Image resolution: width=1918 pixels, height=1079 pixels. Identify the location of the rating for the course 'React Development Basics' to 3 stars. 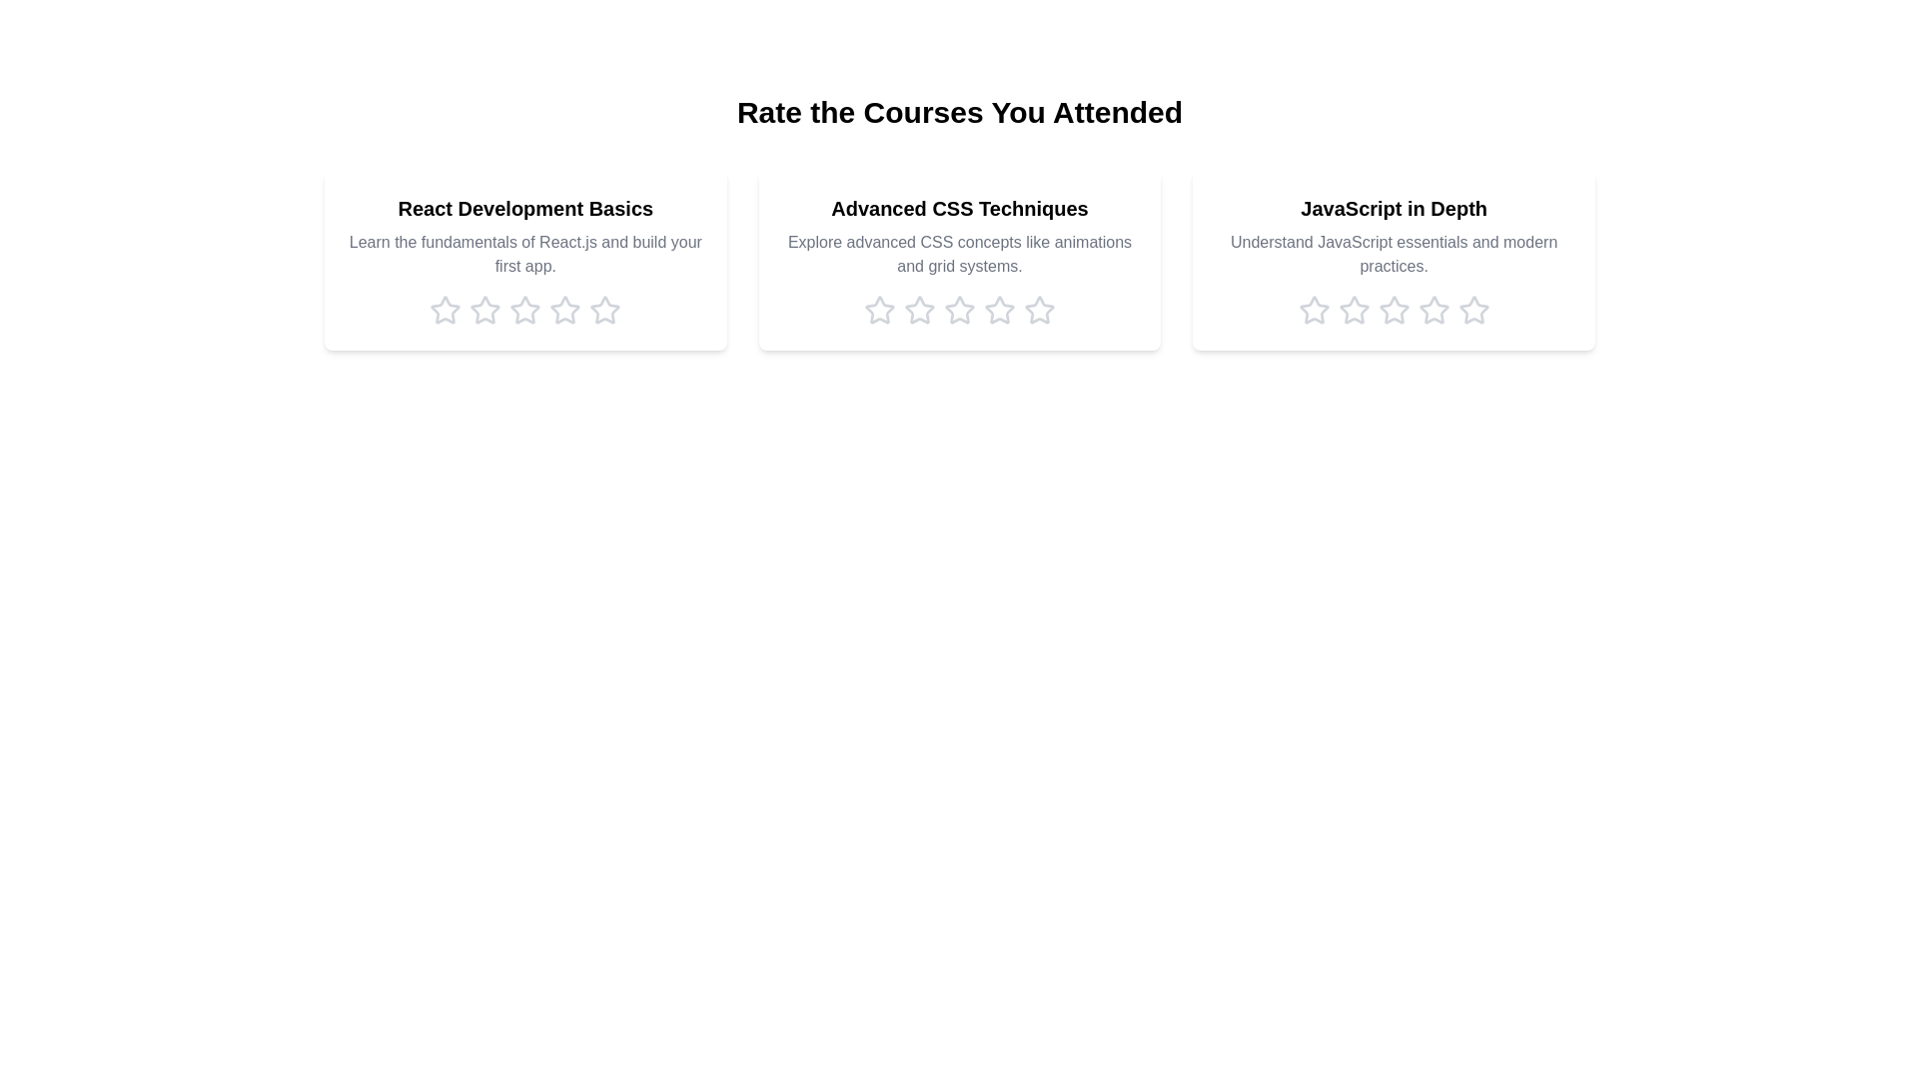
(525, 311).